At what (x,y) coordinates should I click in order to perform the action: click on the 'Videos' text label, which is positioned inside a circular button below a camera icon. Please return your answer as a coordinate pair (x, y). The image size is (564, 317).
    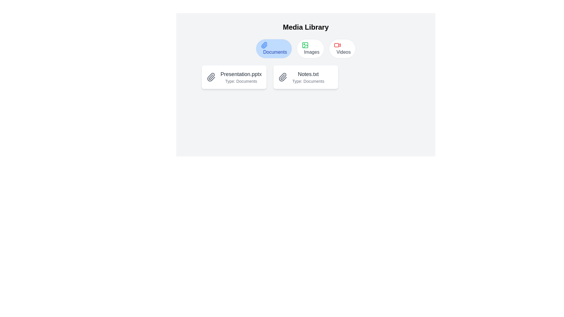
    Looking at the image, I should click on (343, 52).